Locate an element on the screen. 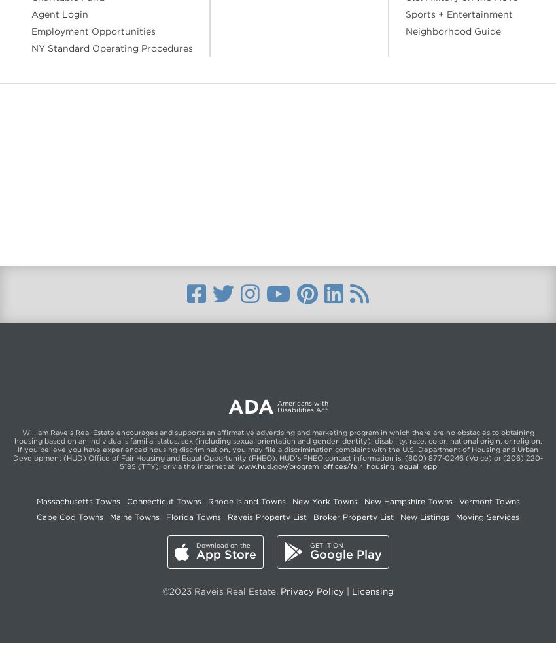  'NY Standard Operating Procedures' is located at coordinates (111, 47).